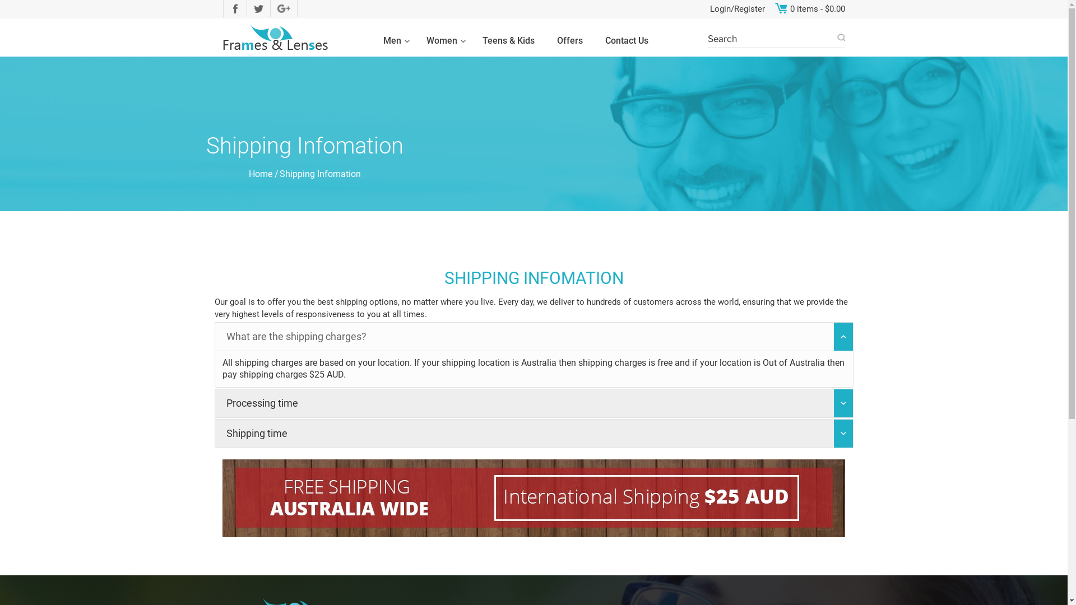  What do you see at coordinates (709, 9) in the screenshot?
I see `'Login/Register'` at bounding box center [709, 9].